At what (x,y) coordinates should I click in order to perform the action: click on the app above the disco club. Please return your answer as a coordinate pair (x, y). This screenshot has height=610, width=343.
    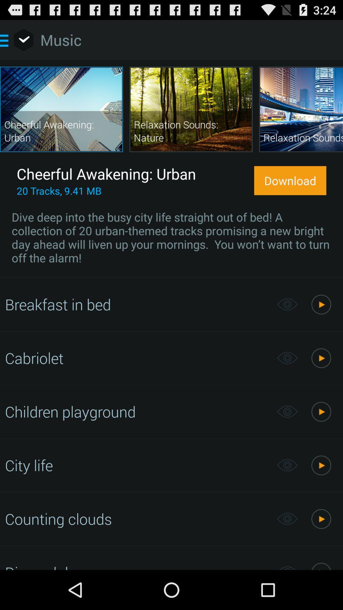
    Looking at the image, I should click on (137, 519).